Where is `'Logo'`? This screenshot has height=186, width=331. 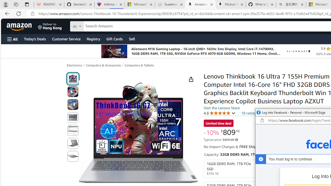
'Logo' is located at coordinates (298, 51).